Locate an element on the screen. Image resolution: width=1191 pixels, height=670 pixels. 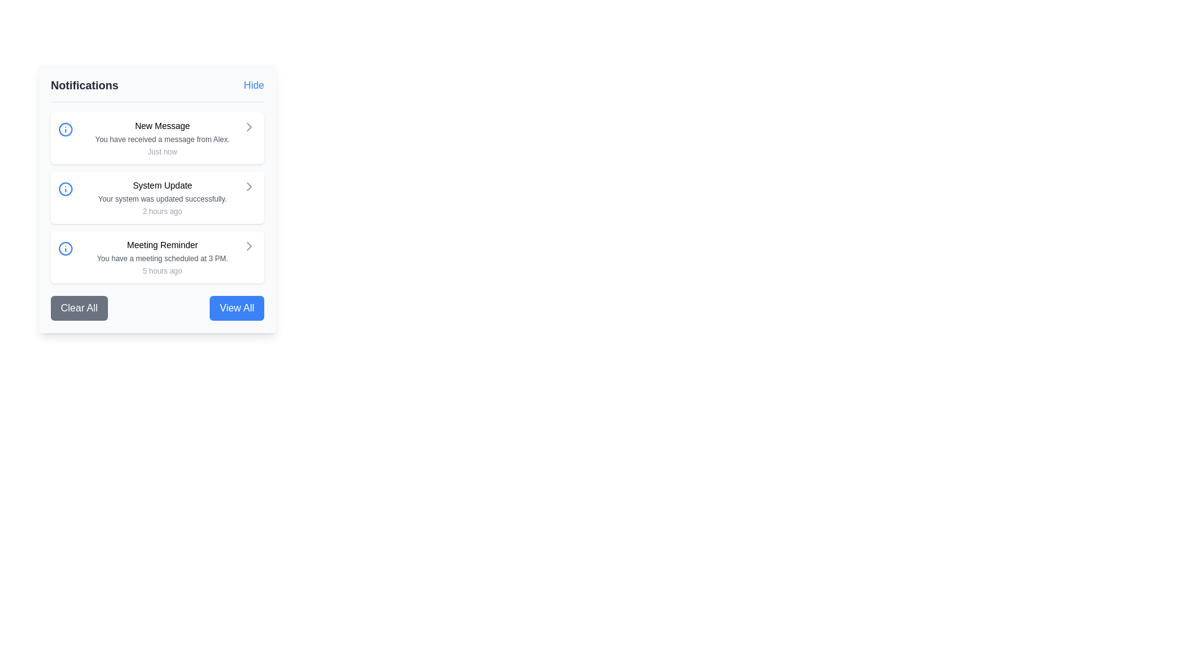
the circular blue icon in the 'Meeting Reminder' notification entry, which is the leftmost item in the third row of the notification panel is located at coordinates (65, 249).